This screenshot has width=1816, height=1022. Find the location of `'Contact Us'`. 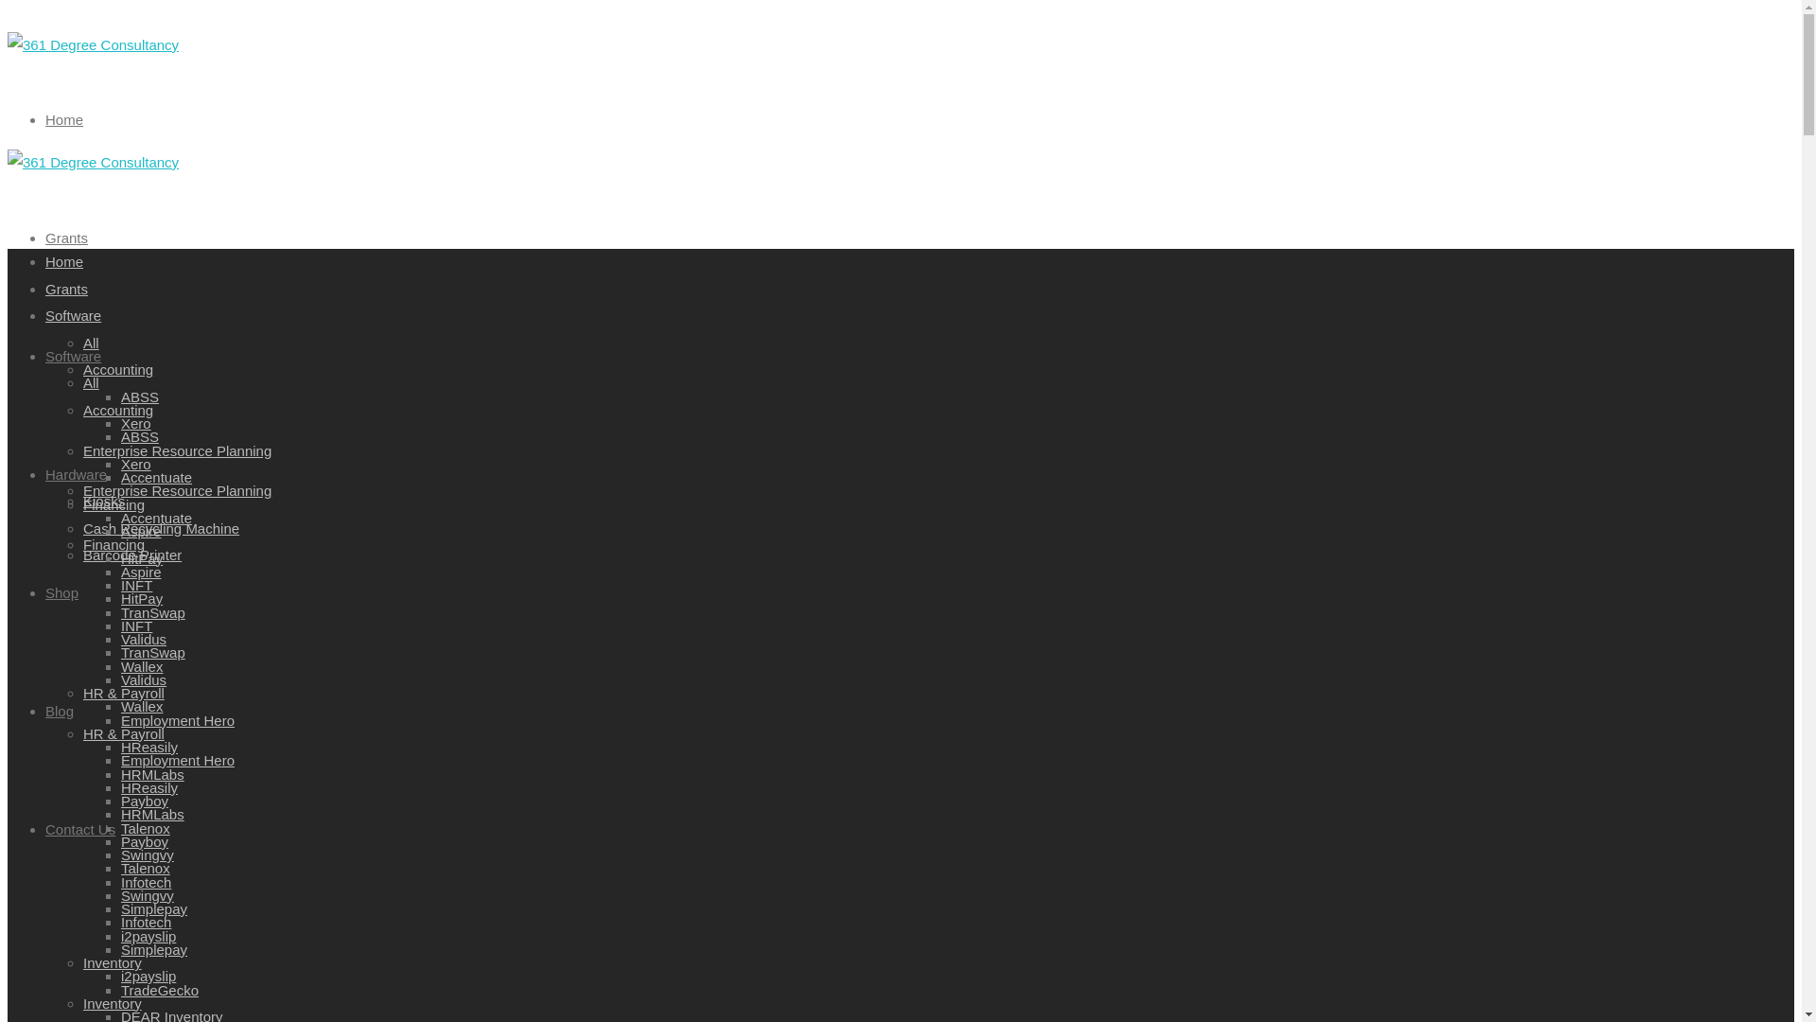

'Contact Us' is located at coordinates (79, 828).